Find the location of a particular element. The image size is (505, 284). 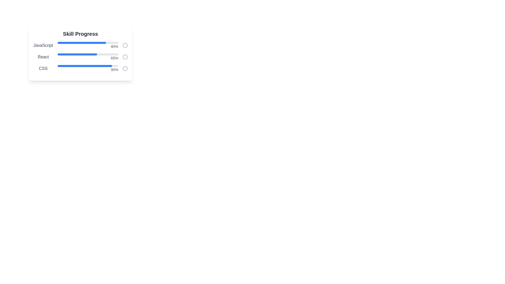

the circular UI indicator with a gray outline located next to the 'React' skill progress line in the skill progress card is located at coordinates (125, 57).